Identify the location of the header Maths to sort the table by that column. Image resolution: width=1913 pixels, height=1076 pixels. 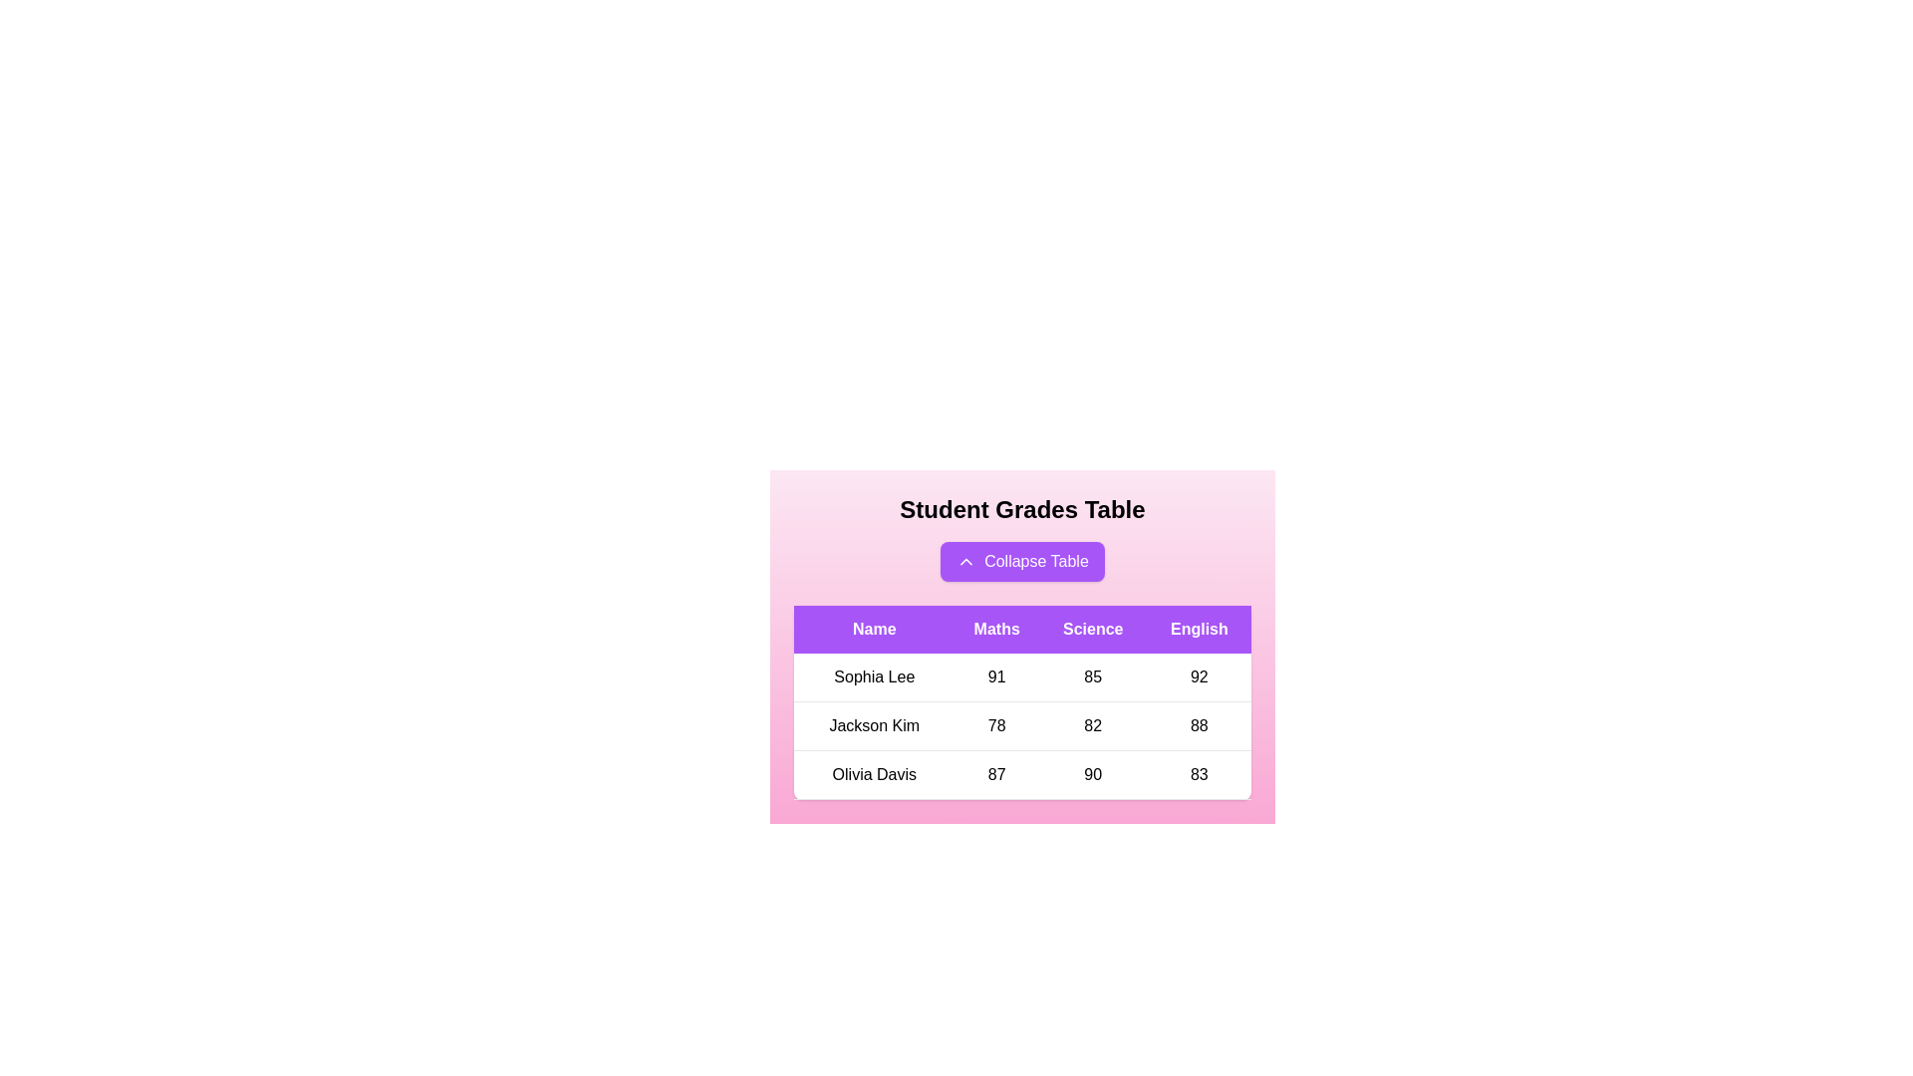
(996, 630).